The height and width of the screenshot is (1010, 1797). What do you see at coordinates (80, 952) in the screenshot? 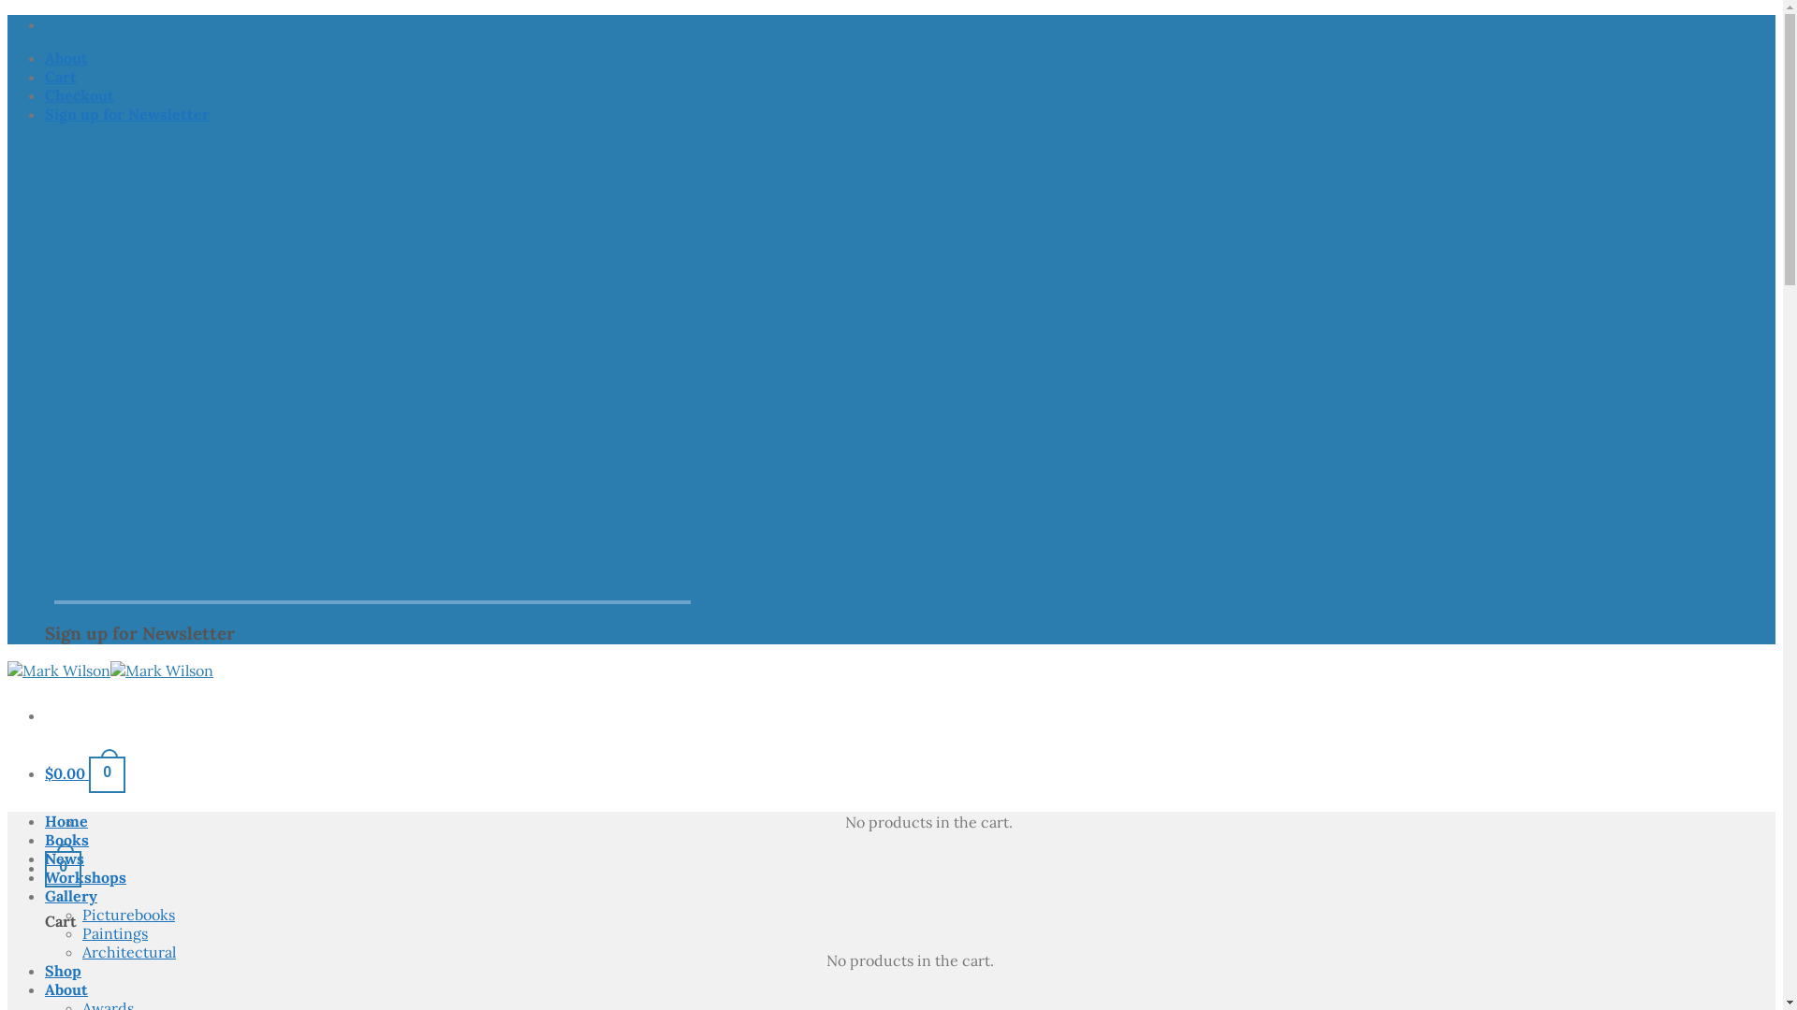
I see `'Architectural'` at bounding box center [80, 952].